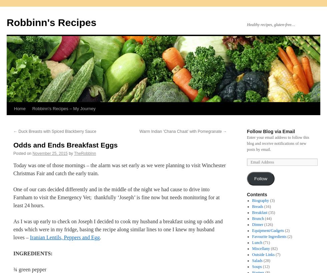  What do you see at coordinates (268, 230) in the screenshot?
I see `'Equipment/Gadgets'` at bounding box center [268, 230].